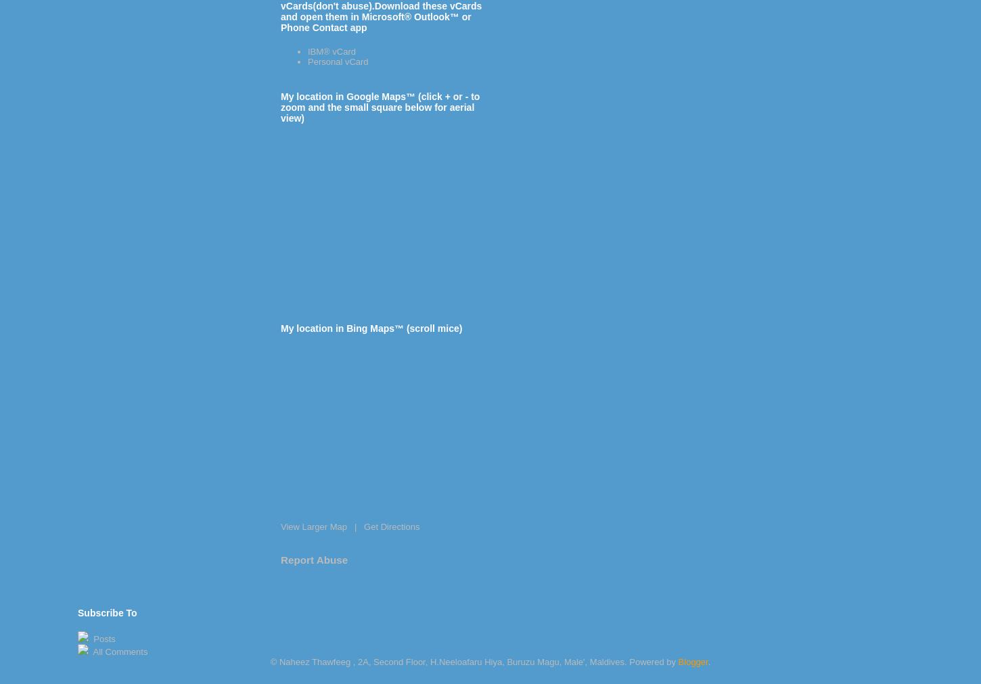  I want to click on 'View Larger Map', so click(313, 526).